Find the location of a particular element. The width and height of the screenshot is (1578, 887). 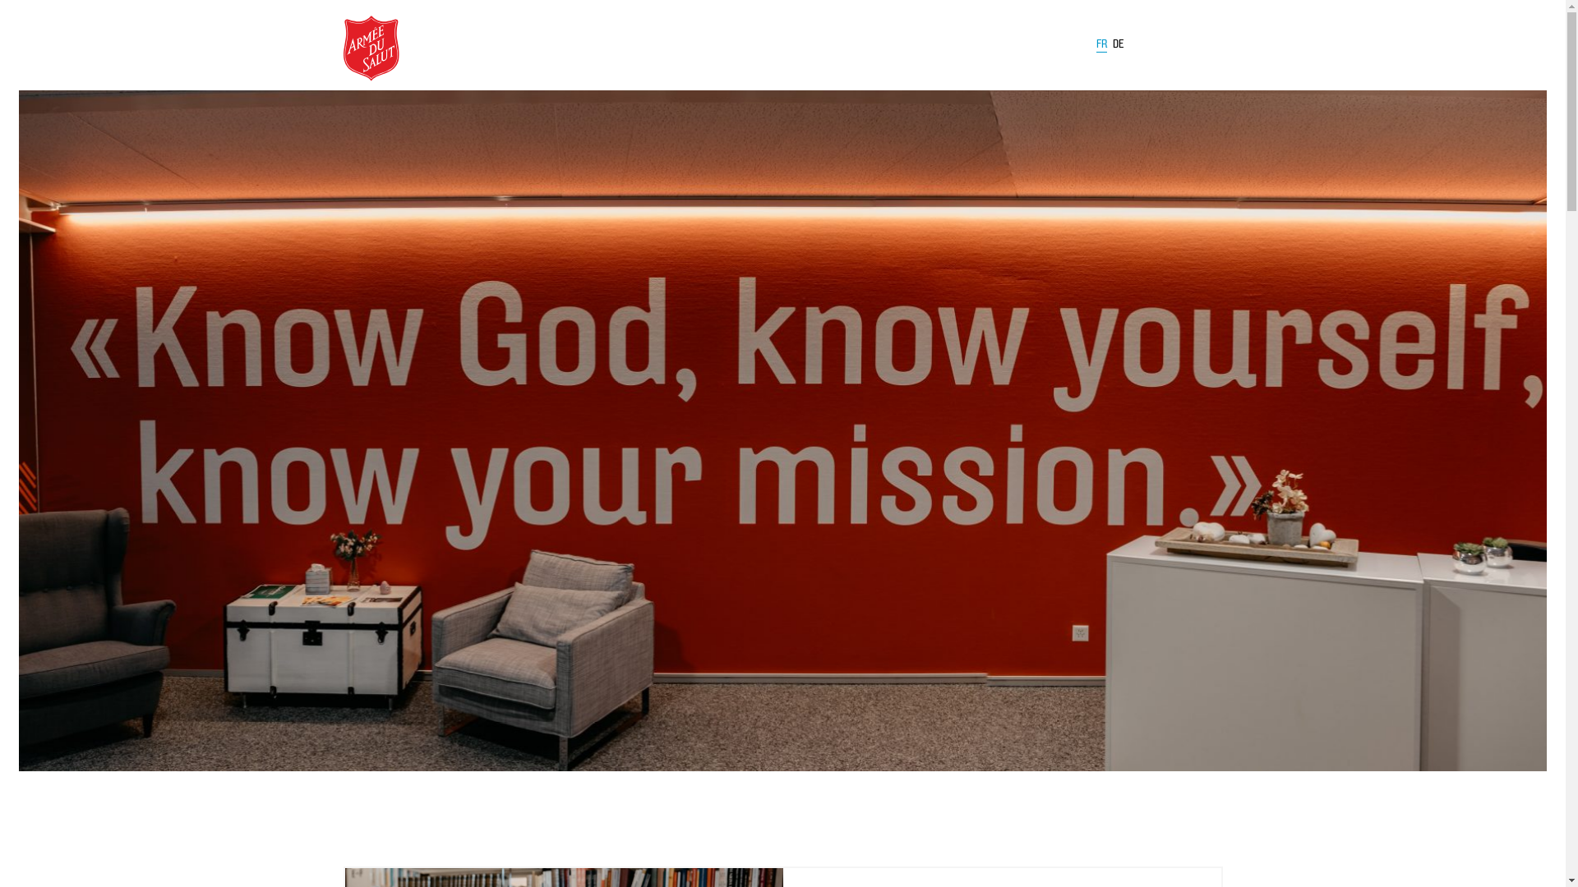

'DE' is located at coordinates (1118, 44).